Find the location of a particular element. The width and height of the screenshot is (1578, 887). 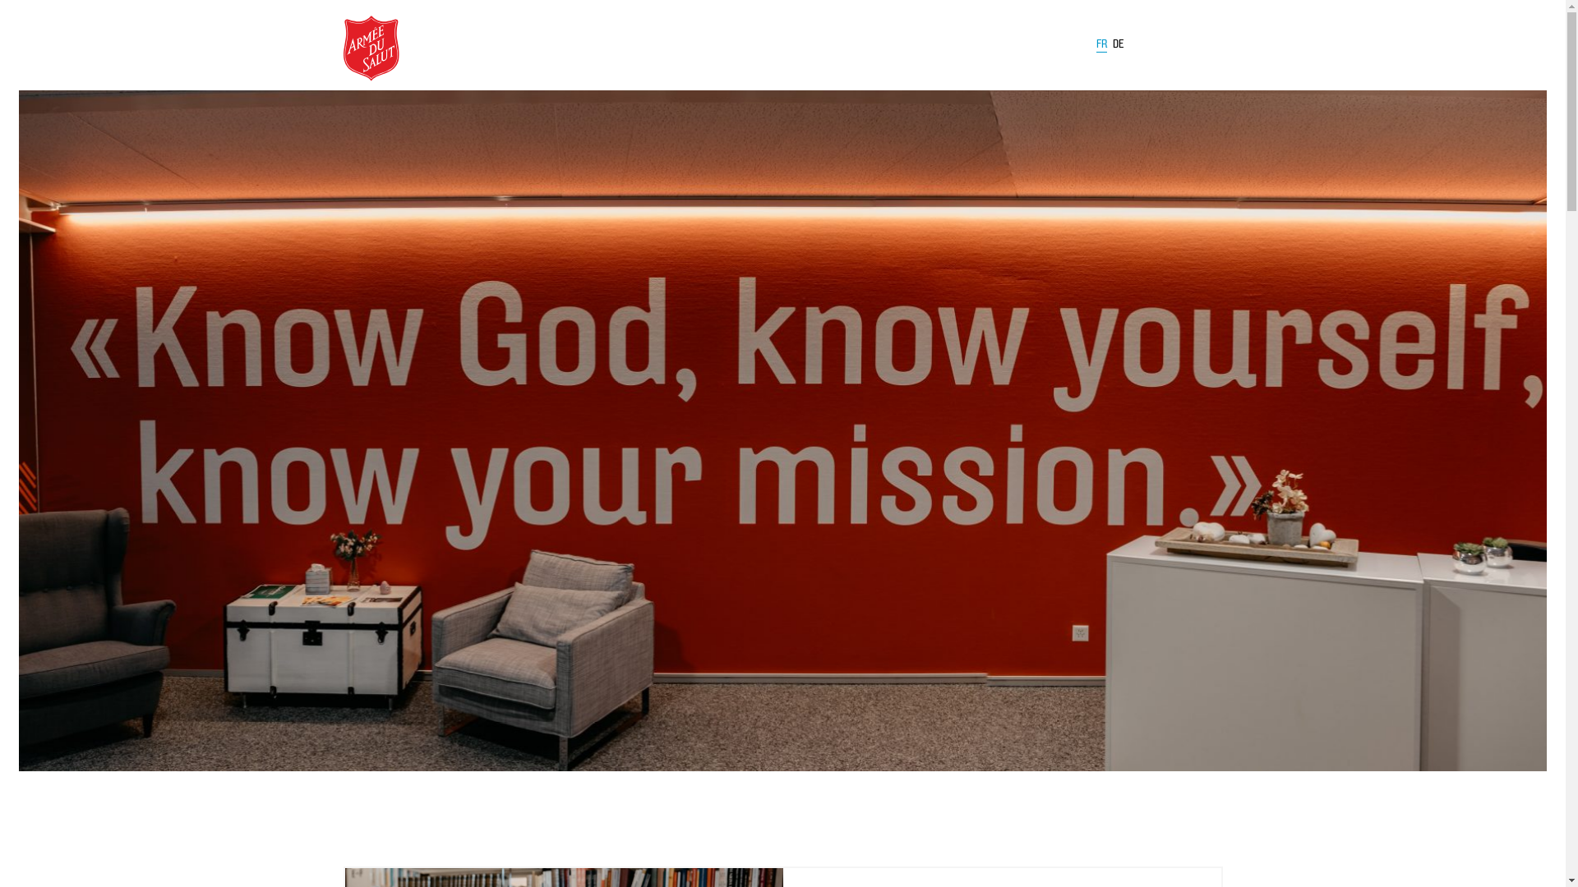

'DE' is located at coordinates (1118, 44).